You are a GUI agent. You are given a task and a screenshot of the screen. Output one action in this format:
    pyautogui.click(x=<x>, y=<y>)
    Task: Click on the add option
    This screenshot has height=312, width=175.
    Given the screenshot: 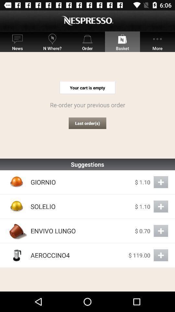 What is the action you would take?
    pyautogui.click(x=160, y=182)
    